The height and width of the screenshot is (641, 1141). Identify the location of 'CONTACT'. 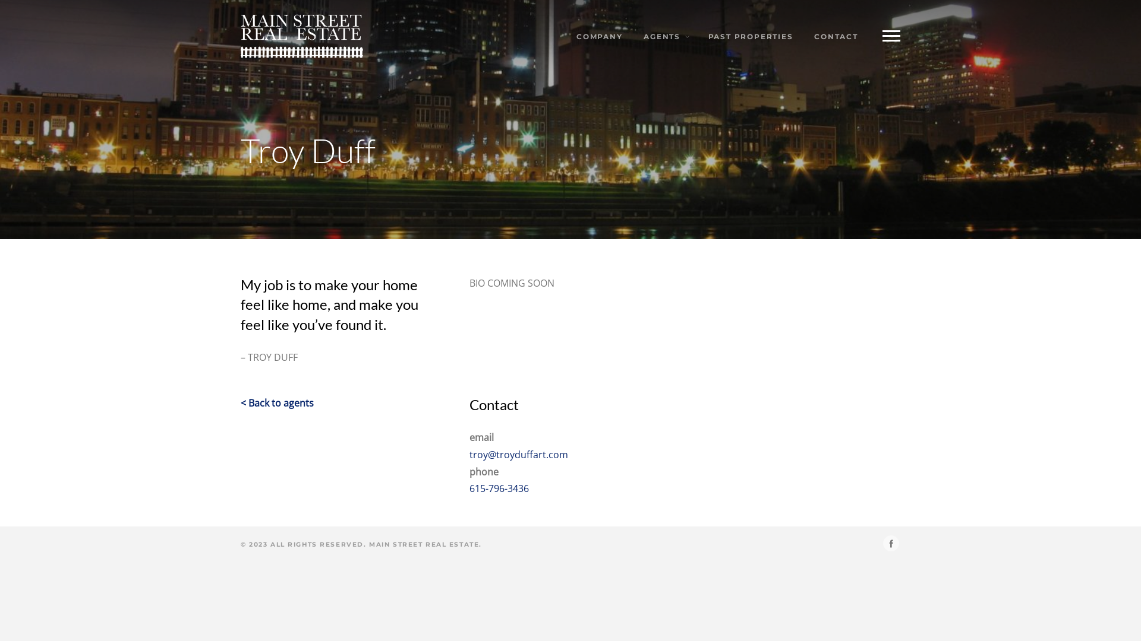
(835, 36).